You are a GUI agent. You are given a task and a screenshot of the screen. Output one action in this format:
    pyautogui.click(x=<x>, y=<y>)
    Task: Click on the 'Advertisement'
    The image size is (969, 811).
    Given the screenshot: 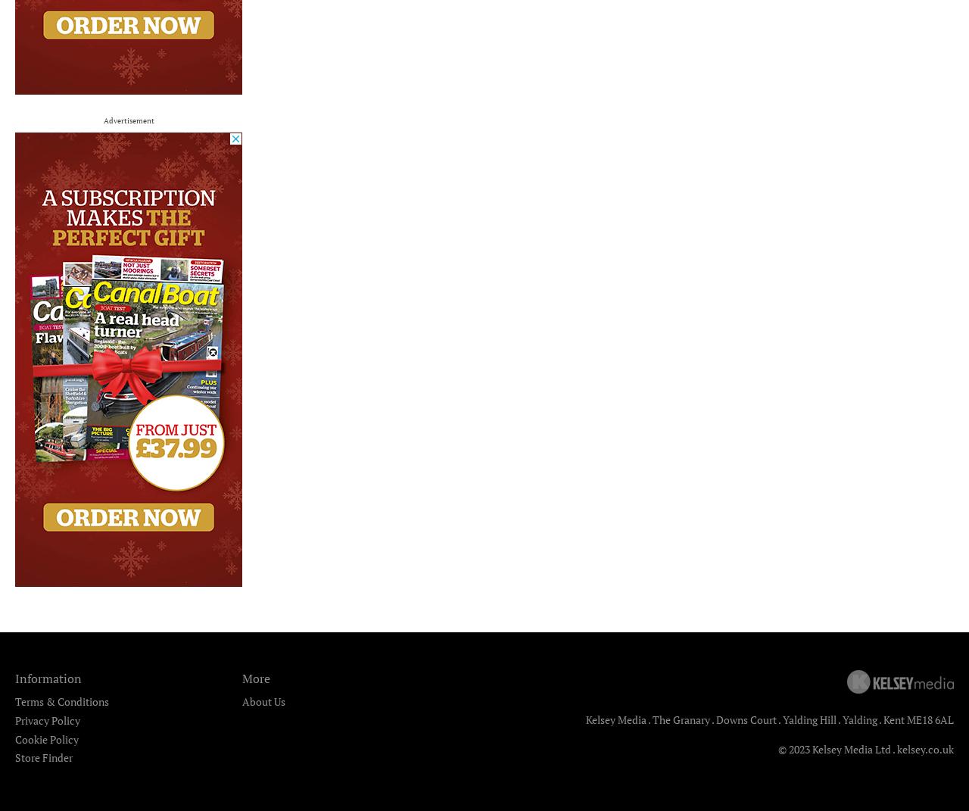 What is the action you would take?
    pyautogui.click(x=128, y=120)
    